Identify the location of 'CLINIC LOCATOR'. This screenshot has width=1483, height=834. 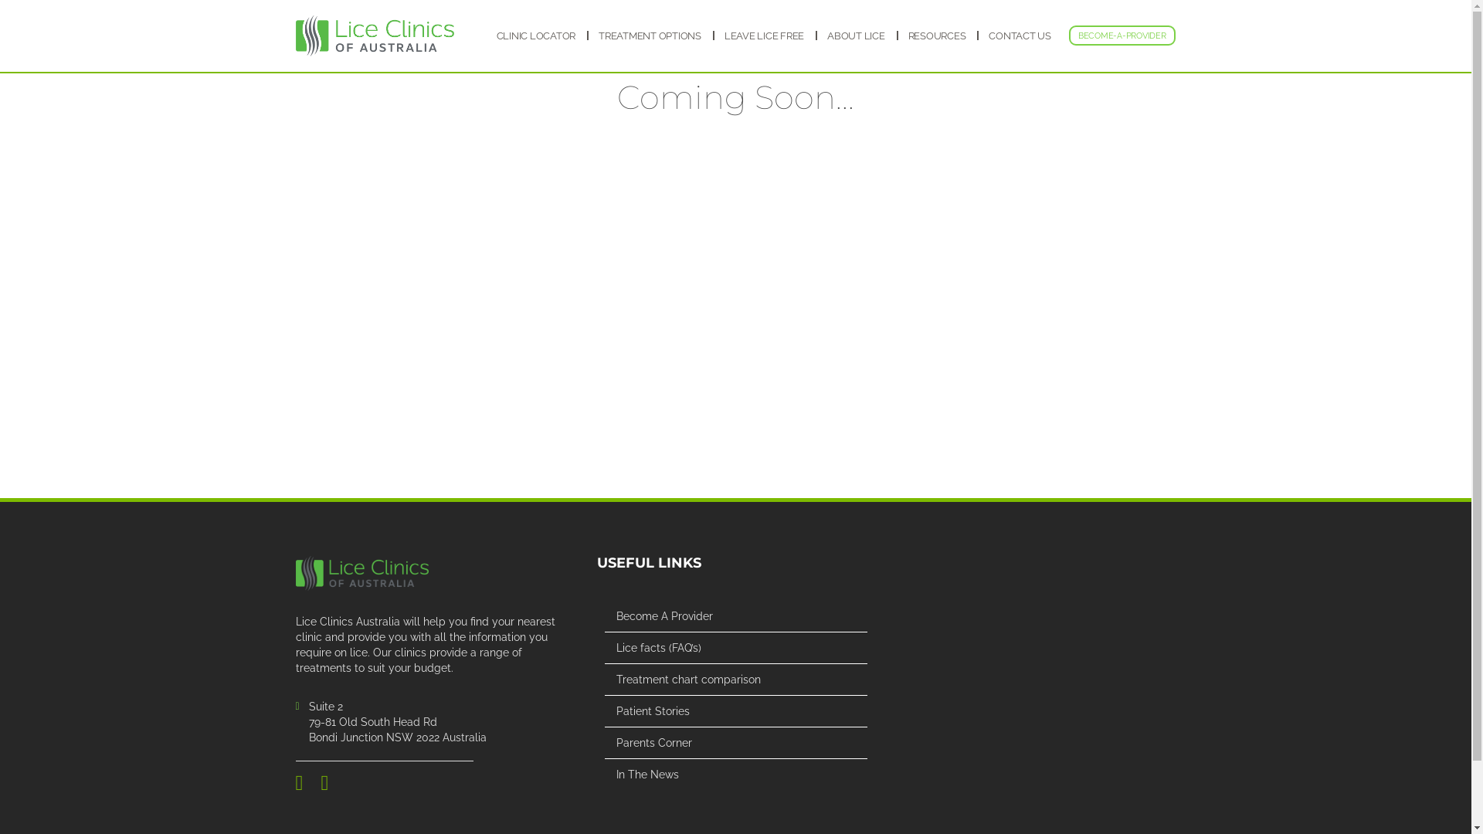
(535, 36).